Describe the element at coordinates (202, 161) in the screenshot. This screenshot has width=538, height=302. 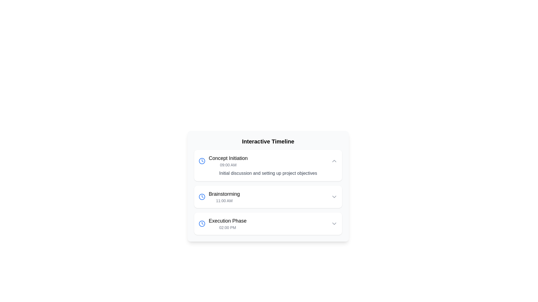
I see `the SVG Circle element that is part of the decorative clock icon for the 'Concept Initiation' entry in the 'Interactive Timeline'` at that location.